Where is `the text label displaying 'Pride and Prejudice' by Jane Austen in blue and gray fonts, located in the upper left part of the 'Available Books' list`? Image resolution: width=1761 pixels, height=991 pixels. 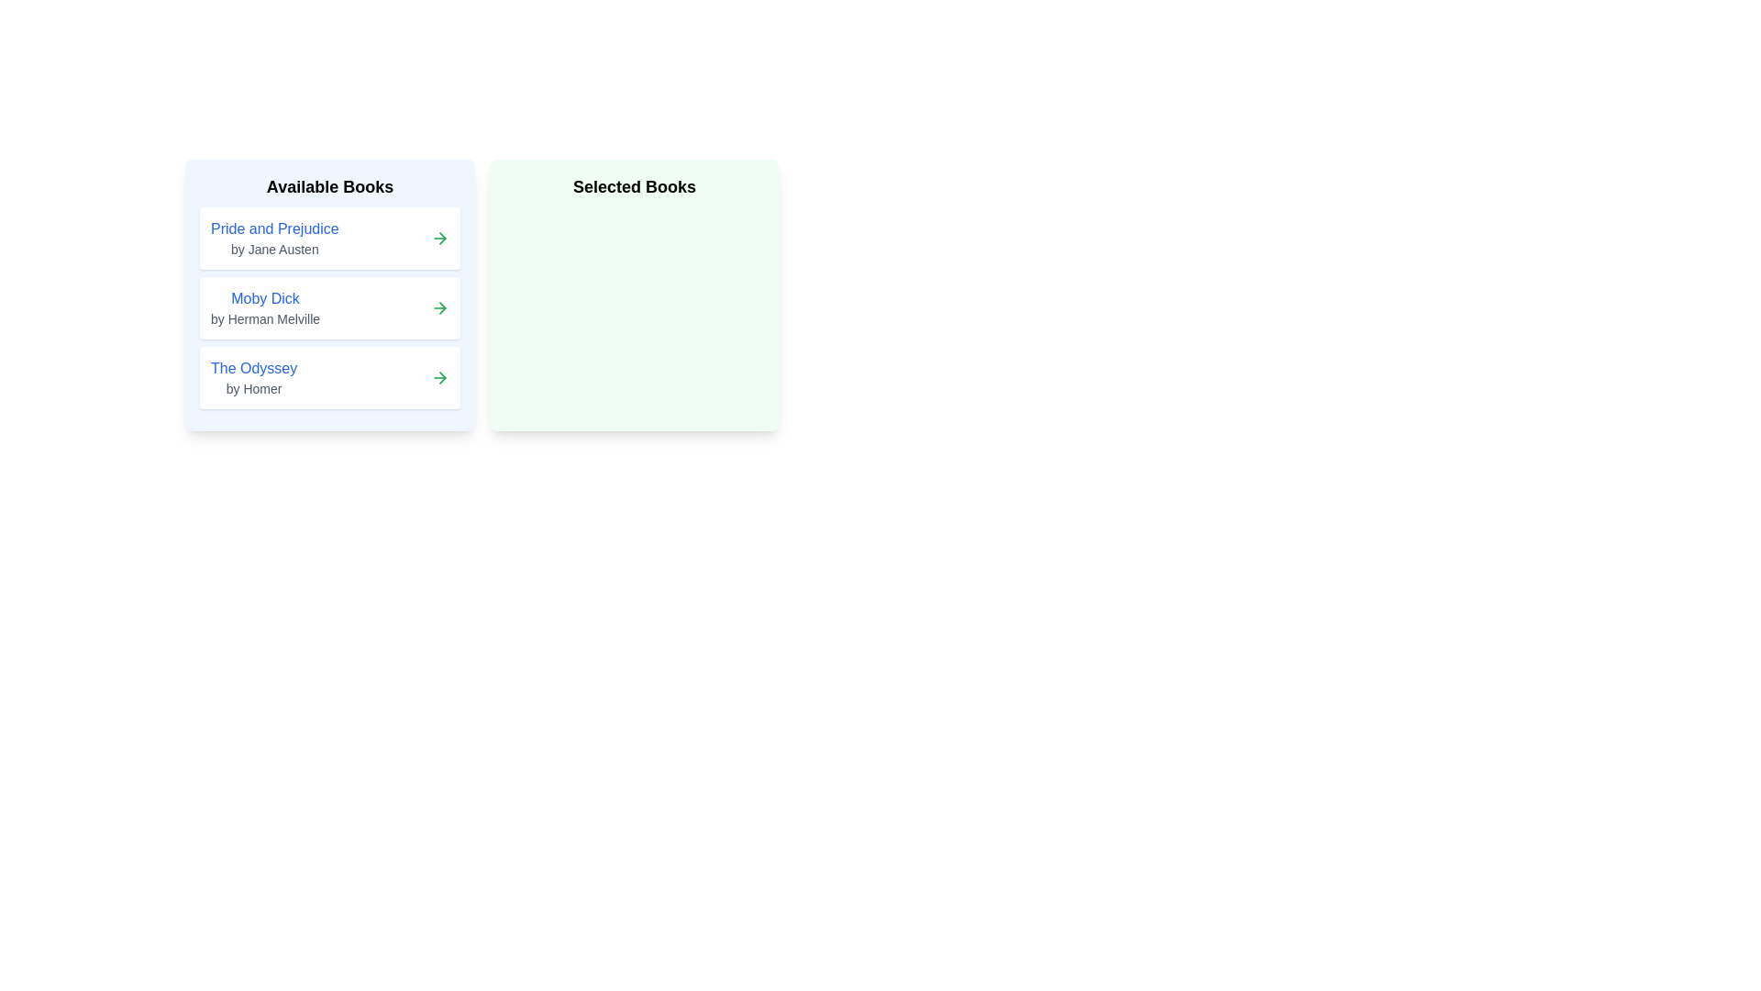
the text label displaying 'Pride and Prejudice' by Jane Austen in blue and gray fonts, located in the upper left part of the 'Available Books' list is located at coordinates (273, 237).